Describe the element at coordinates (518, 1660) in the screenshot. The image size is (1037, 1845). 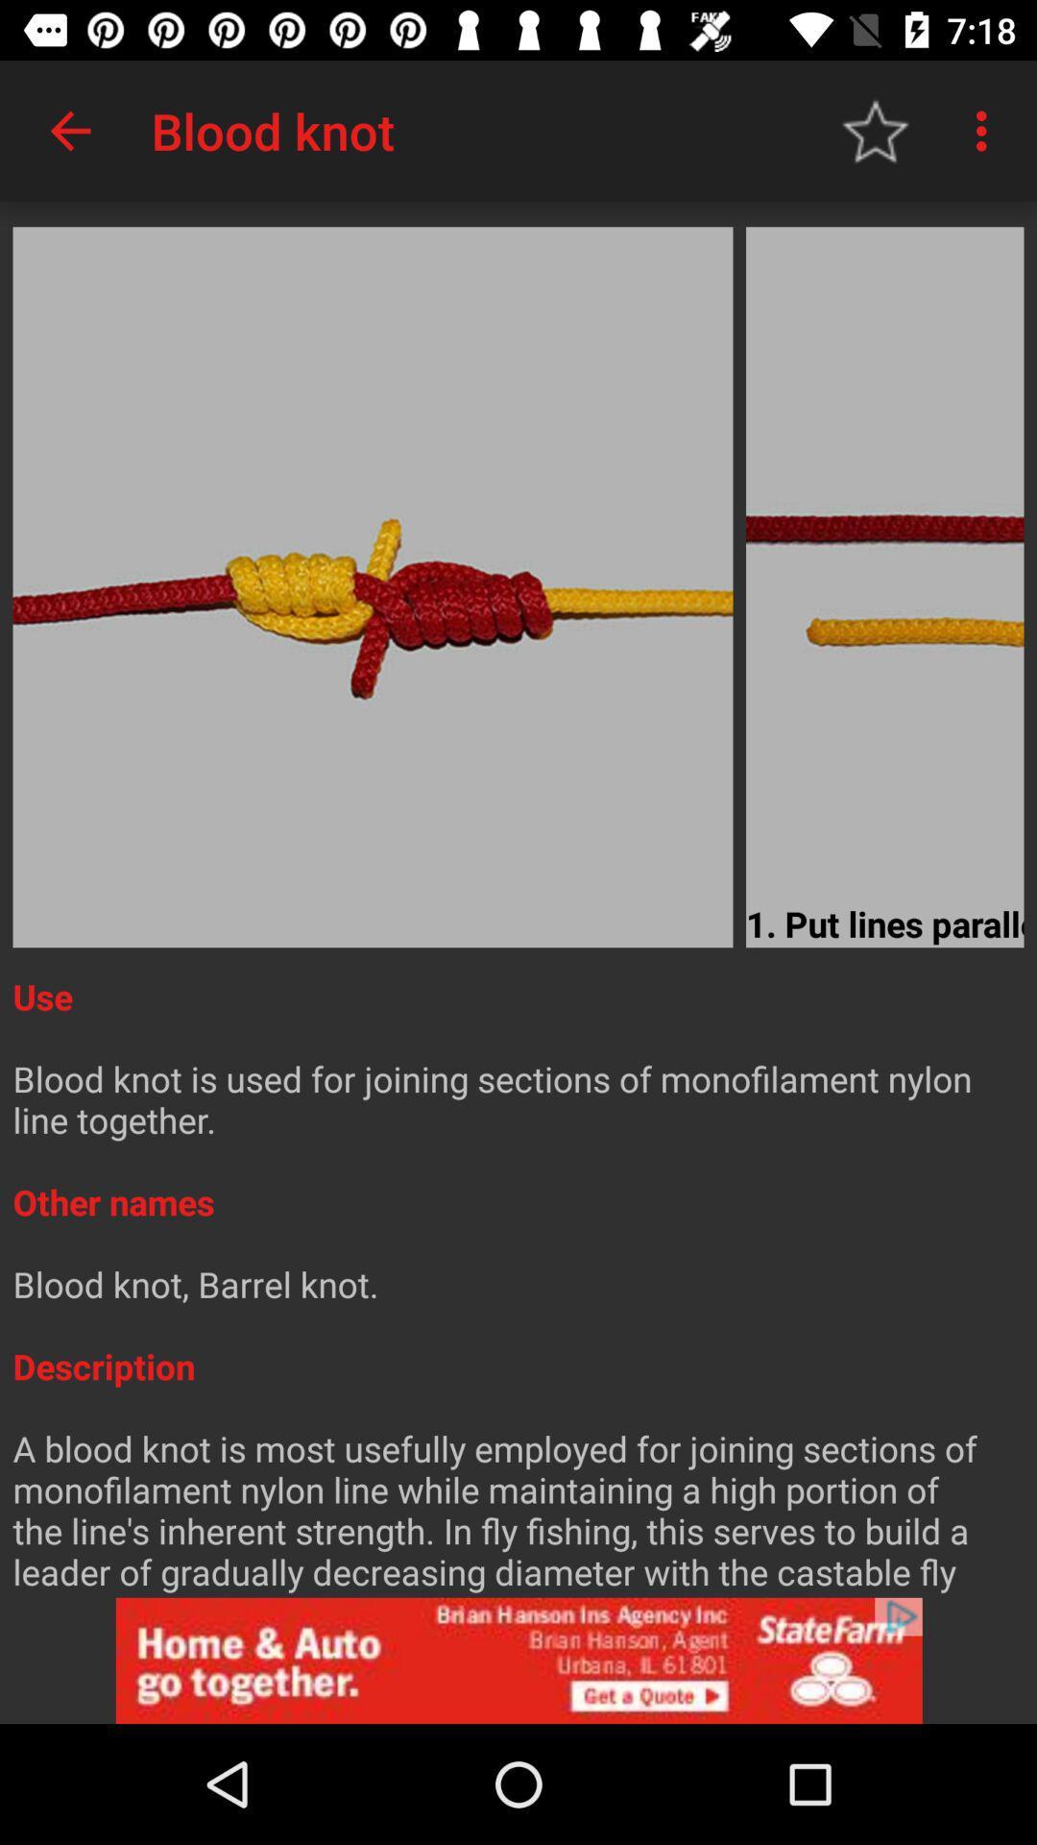
I see `advertisement banner` at that location.